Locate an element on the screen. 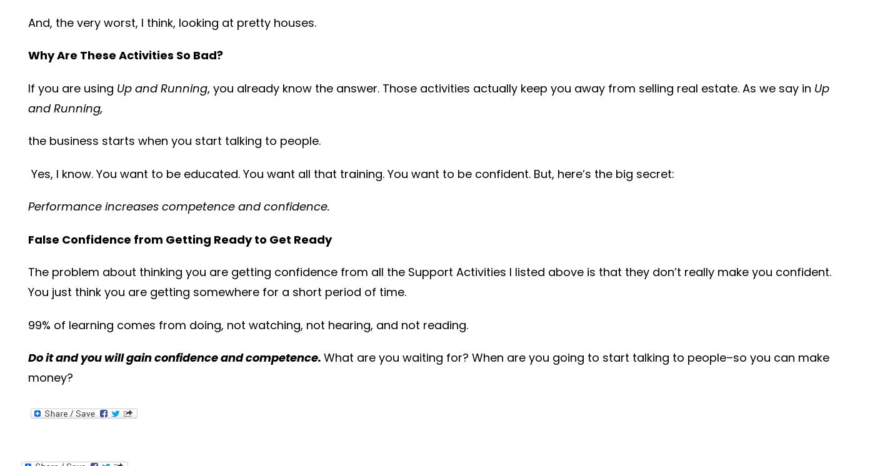 The width and height of the screenshot is (875, 466). 'Up and Running' is located at coordinates (161, 87).